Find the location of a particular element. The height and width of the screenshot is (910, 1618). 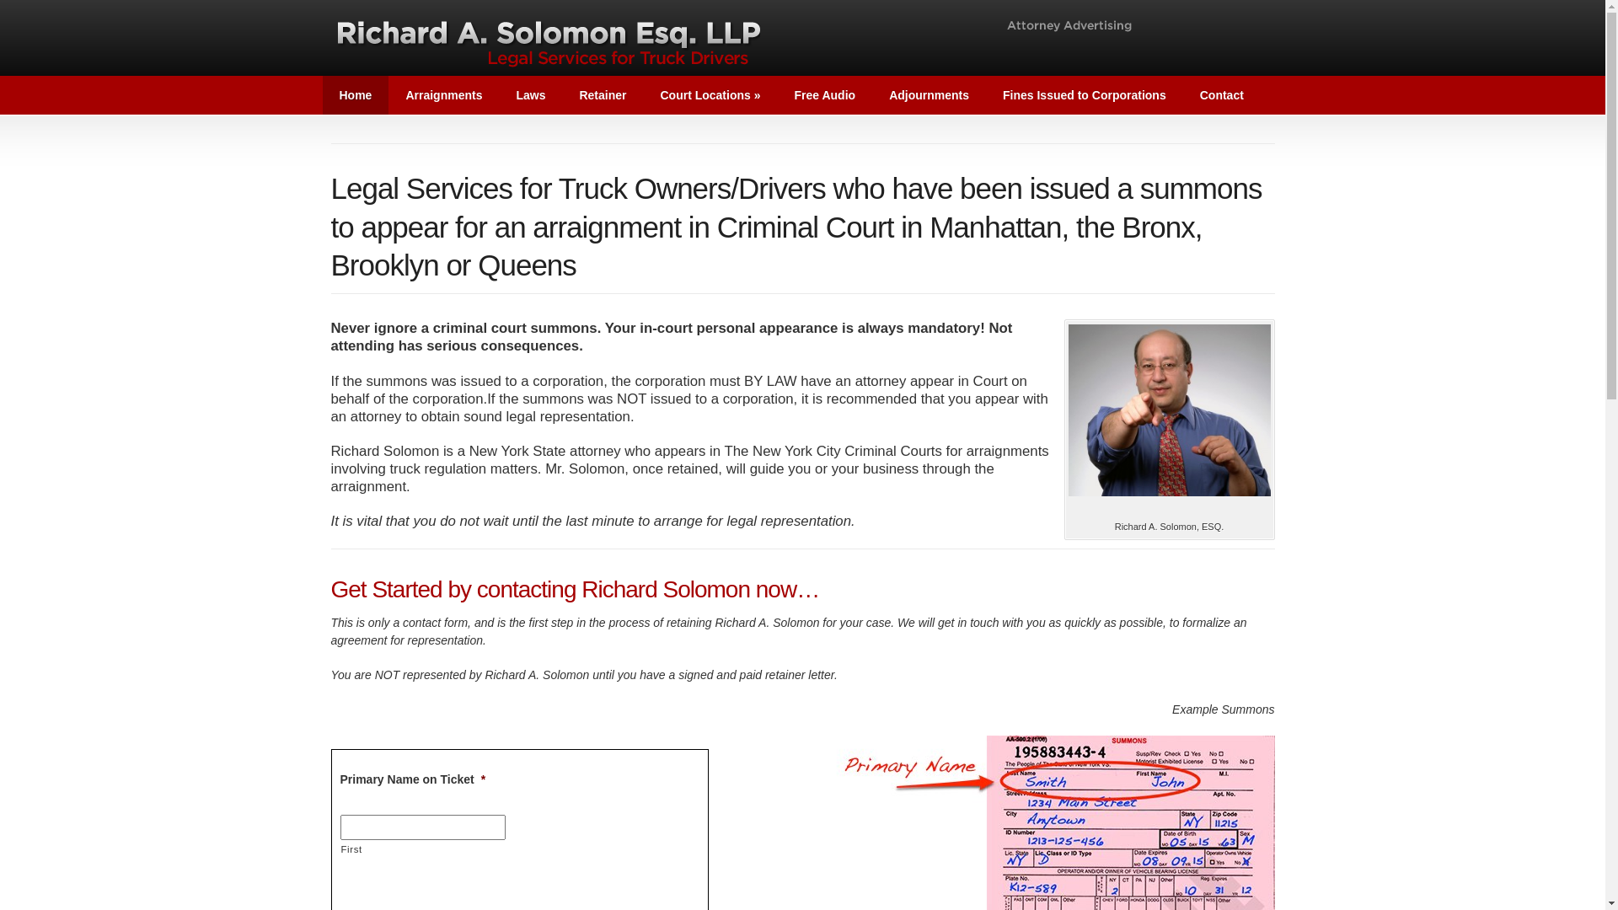

'Fines Issued to Corporations' is located at coordinates (986, 94).